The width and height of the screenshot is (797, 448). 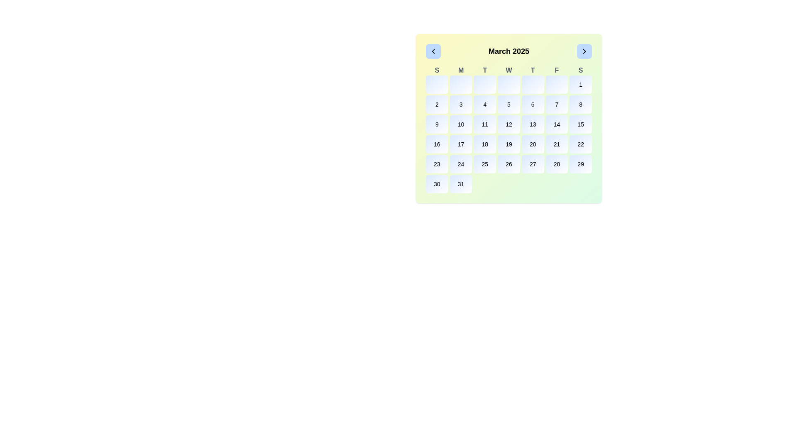 What do you see at coordinates (485, 164) in the screenshot?
I see `the clickable date box displaying the number '25' in the calendar grid` at bounding box center [485, 164].